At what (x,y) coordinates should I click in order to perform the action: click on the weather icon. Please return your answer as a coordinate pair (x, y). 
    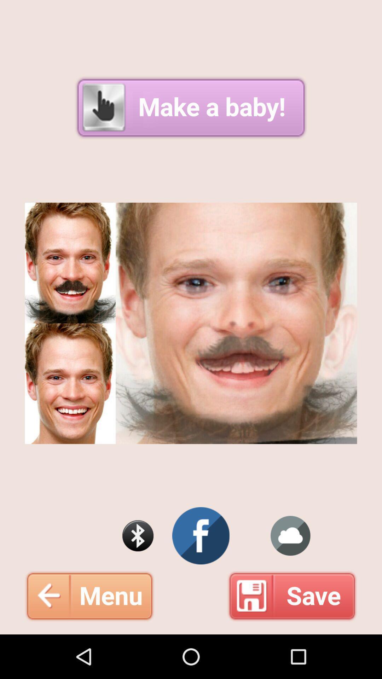
    Looking at the image, I should click on (290, 573).